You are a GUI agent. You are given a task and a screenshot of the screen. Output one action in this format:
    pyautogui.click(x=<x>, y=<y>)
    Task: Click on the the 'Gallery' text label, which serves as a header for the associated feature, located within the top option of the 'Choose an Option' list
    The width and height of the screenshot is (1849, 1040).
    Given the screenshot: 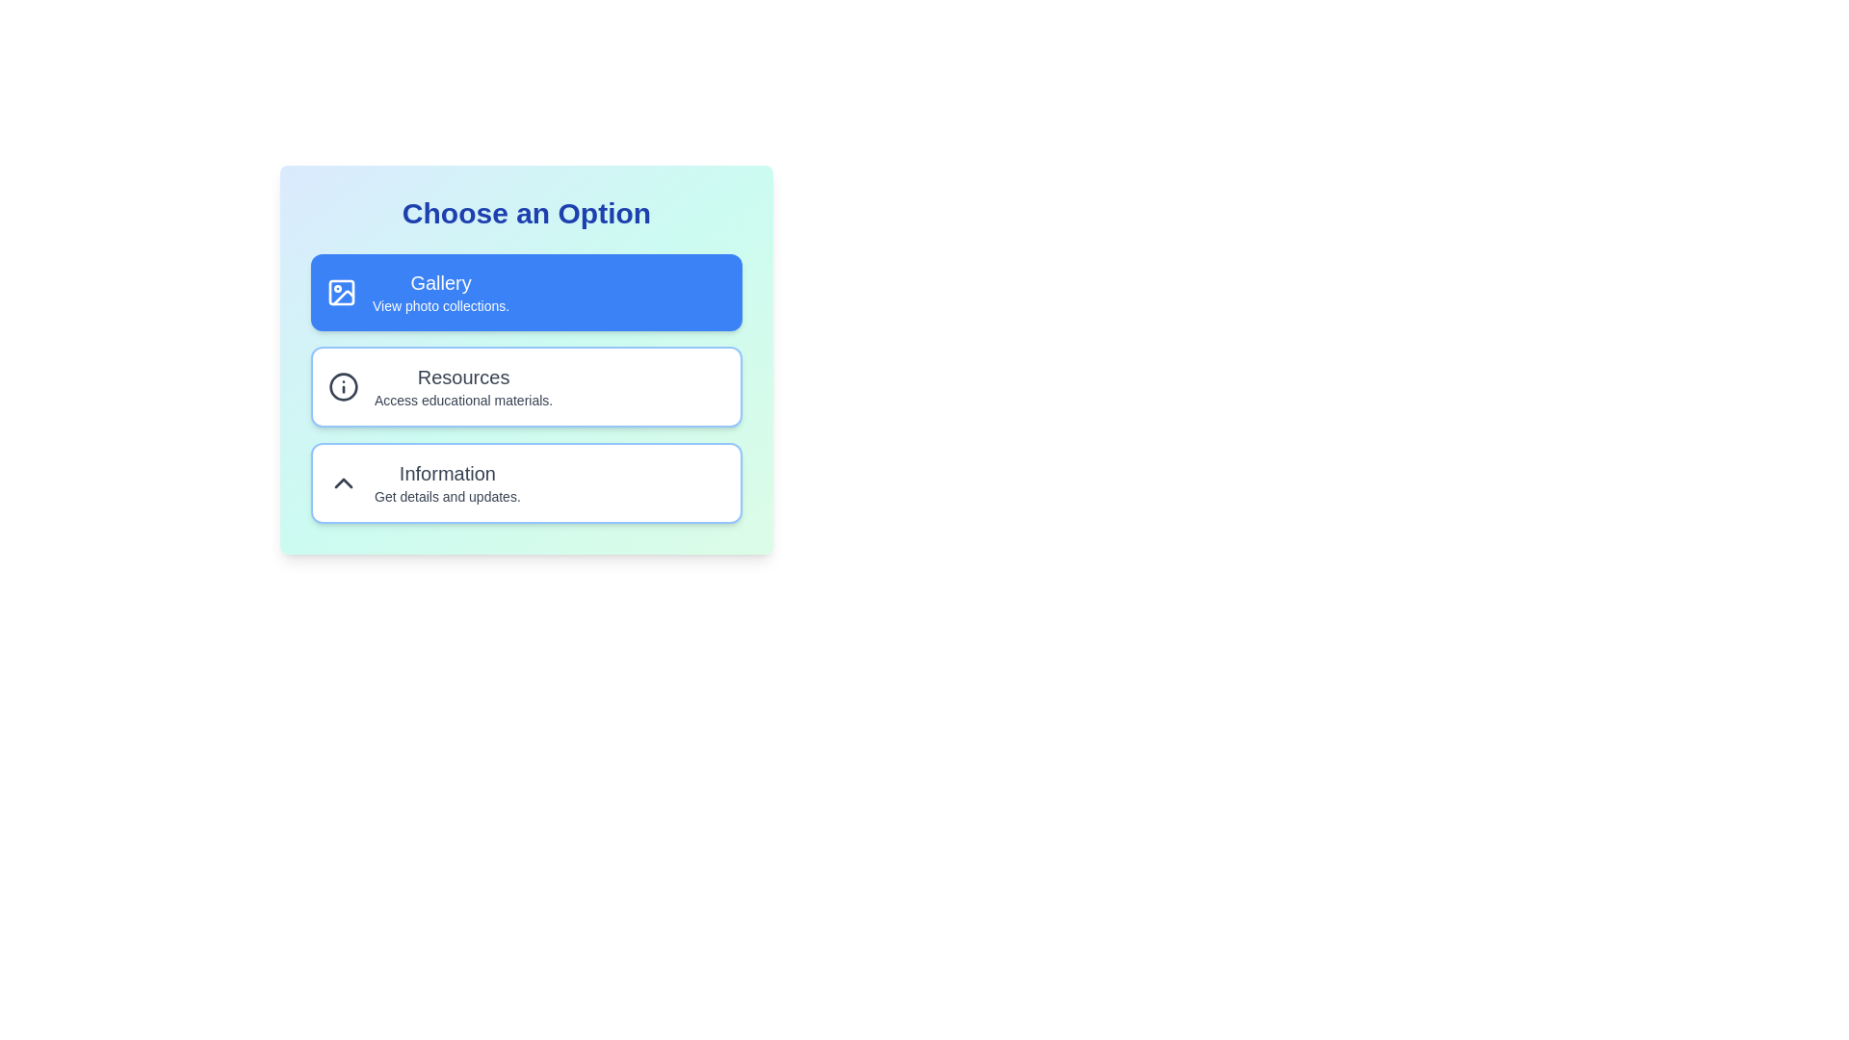 What is the action you would take?
    pyautogui.click(x=440, y=282)
    